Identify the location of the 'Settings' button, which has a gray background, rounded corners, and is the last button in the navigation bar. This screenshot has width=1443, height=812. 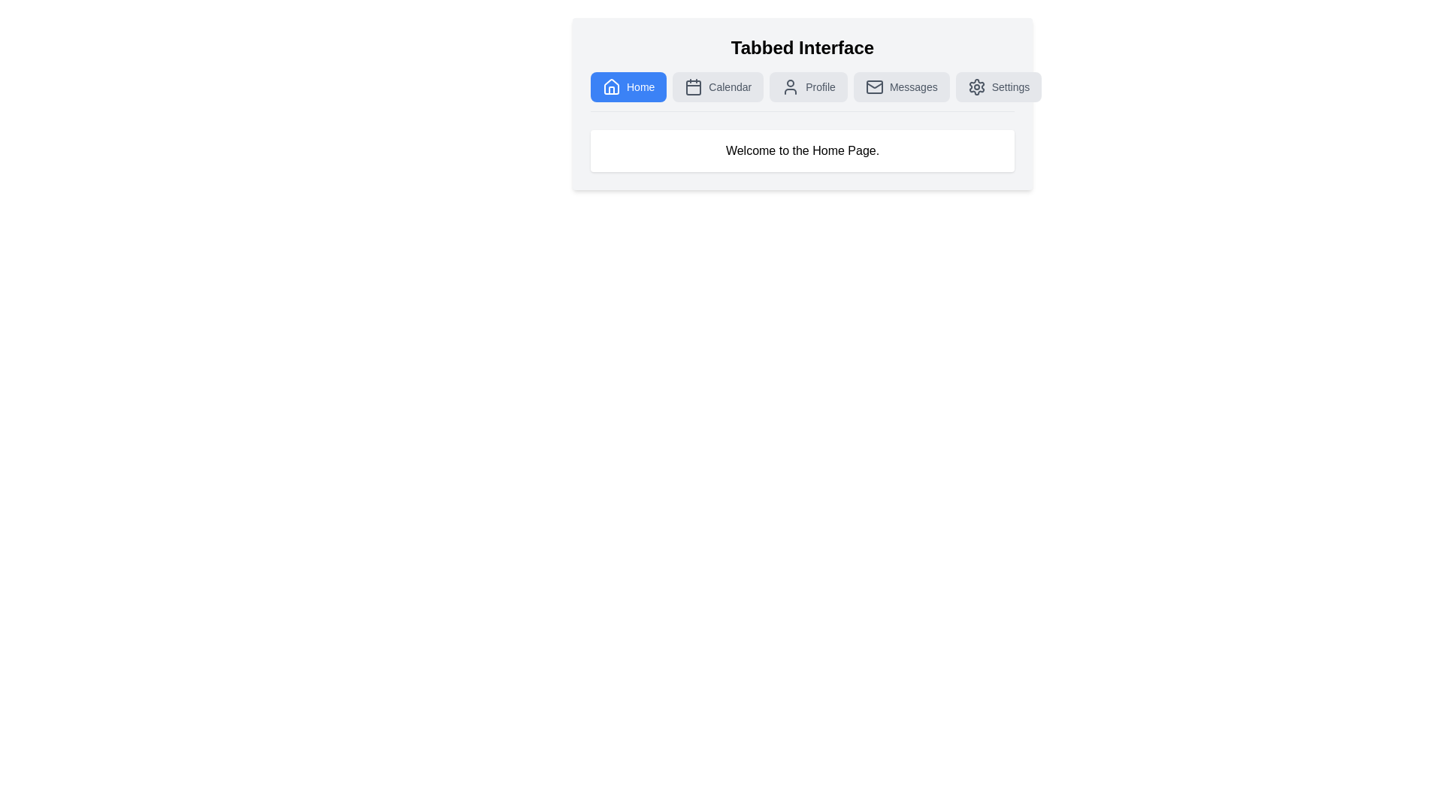
(999, 86).